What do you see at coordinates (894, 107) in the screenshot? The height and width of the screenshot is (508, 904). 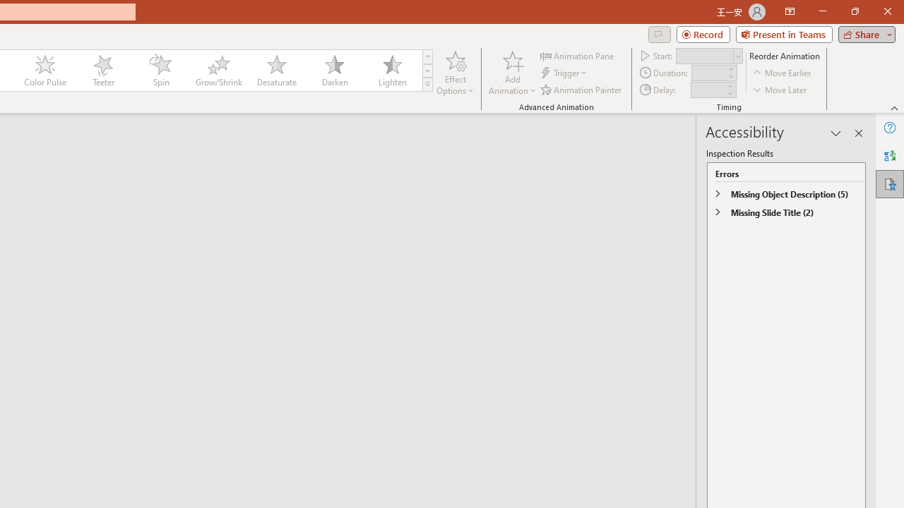 I see `'Collapse the Ribbon'` at bounding box center [894, 107].